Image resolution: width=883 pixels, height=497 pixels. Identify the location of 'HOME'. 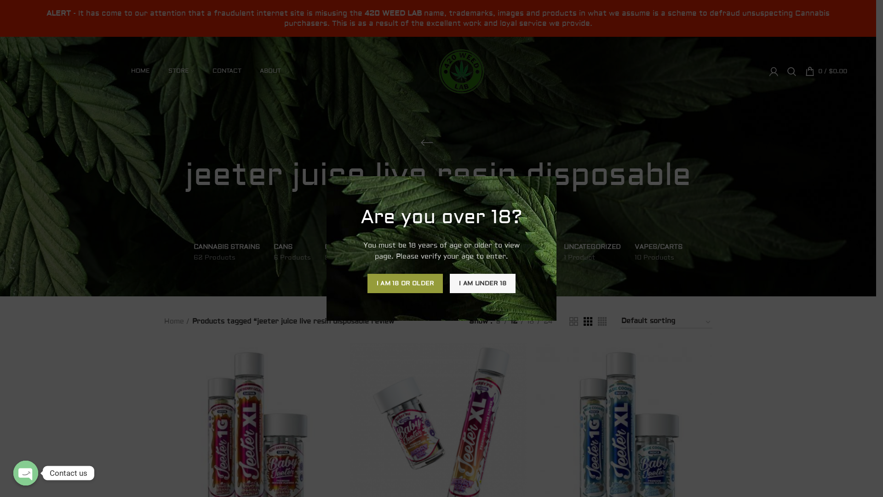
(140, 70).